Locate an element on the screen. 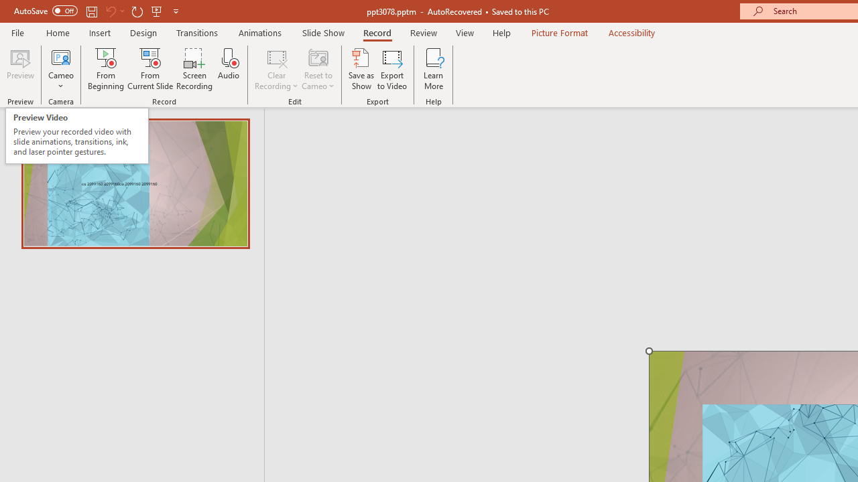  'Learn More' is located at coordinates (434, 69).